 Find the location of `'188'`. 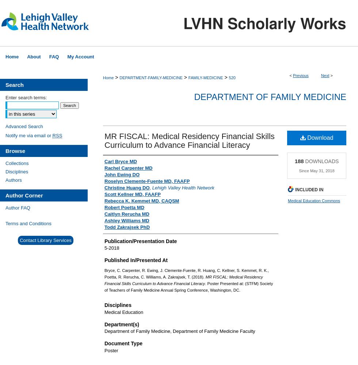

'188' is located at coordinates (294, 160).